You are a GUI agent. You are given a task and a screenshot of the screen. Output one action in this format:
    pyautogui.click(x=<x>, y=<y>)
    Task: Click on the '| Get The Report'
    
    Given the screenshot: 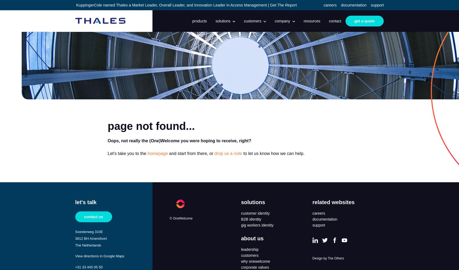 What is the action you would take?
    pyautogui.click(x=282, y=5)
    